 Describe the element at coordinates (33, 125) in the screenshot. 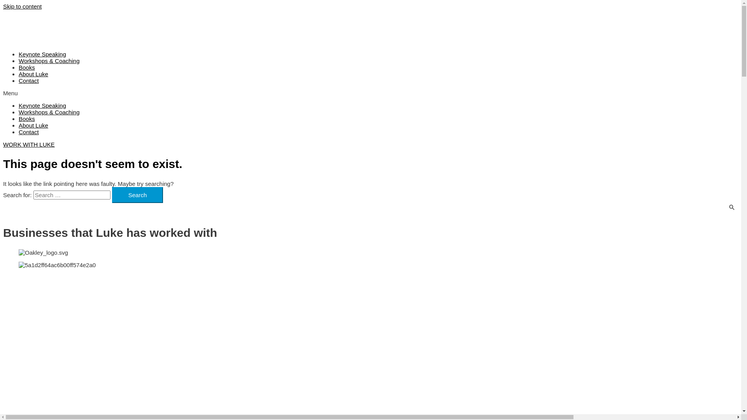

I see `'About Luke'` at that location.